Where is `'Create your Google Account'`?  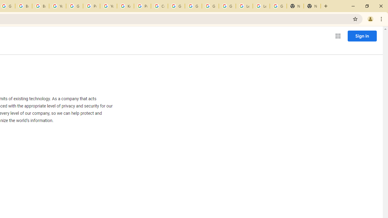
'Create your Google Account' is located at coordinates (159, 6).